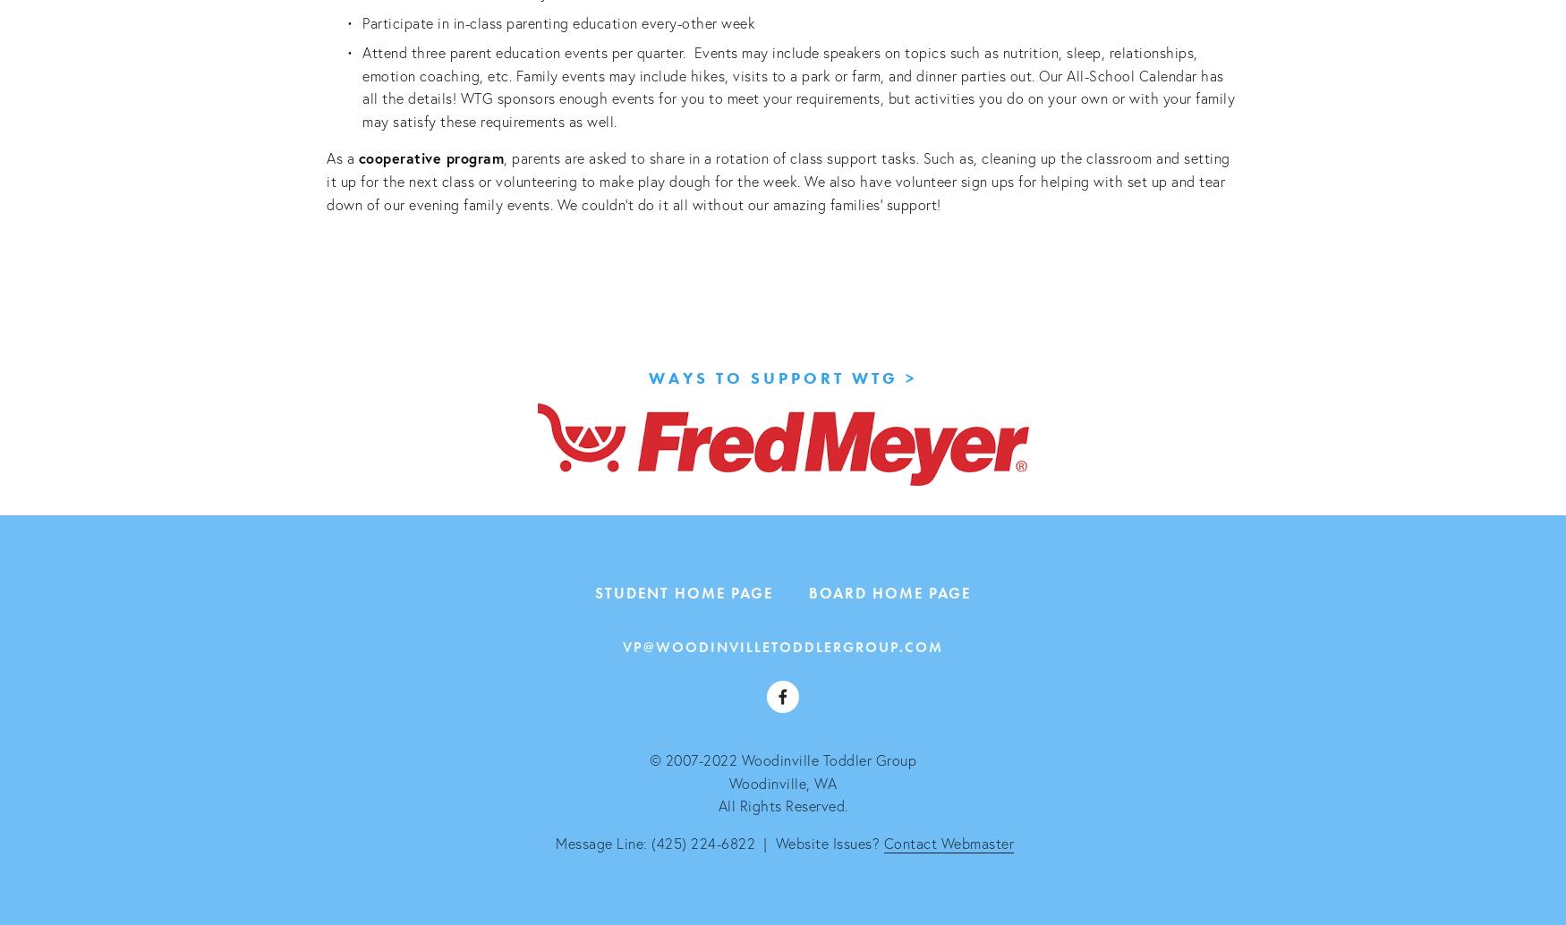  I want to click on 'Woodinville, WA', so click(782, 781).